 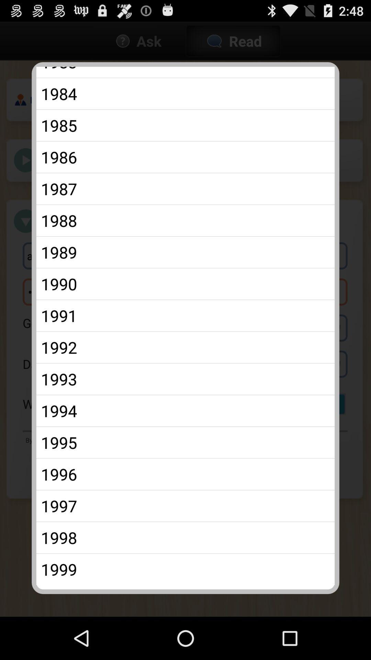 What do you see at coordinates (185, 411) in the screenshot?
I see `the 1994 app` at bounding box center [185, 411].